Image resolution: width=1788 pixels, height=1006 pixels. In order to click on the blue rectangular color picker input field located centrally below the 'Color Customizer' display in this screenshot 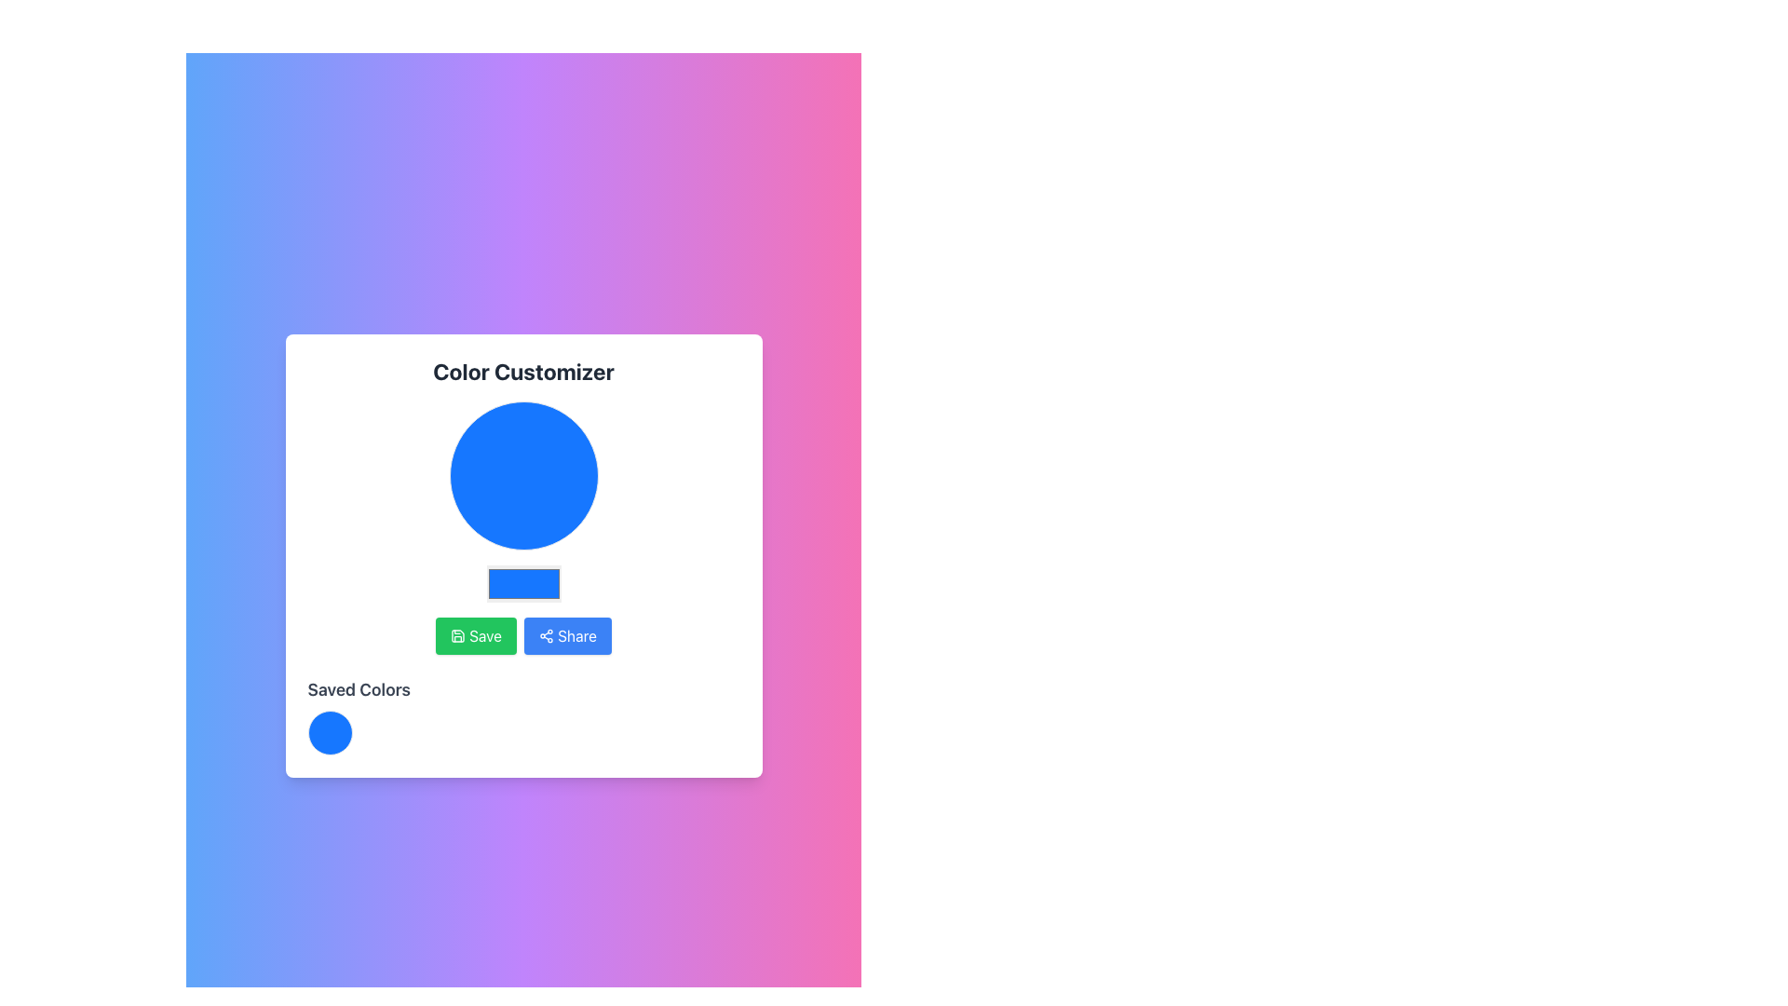, I will do `click(522, 555)`.